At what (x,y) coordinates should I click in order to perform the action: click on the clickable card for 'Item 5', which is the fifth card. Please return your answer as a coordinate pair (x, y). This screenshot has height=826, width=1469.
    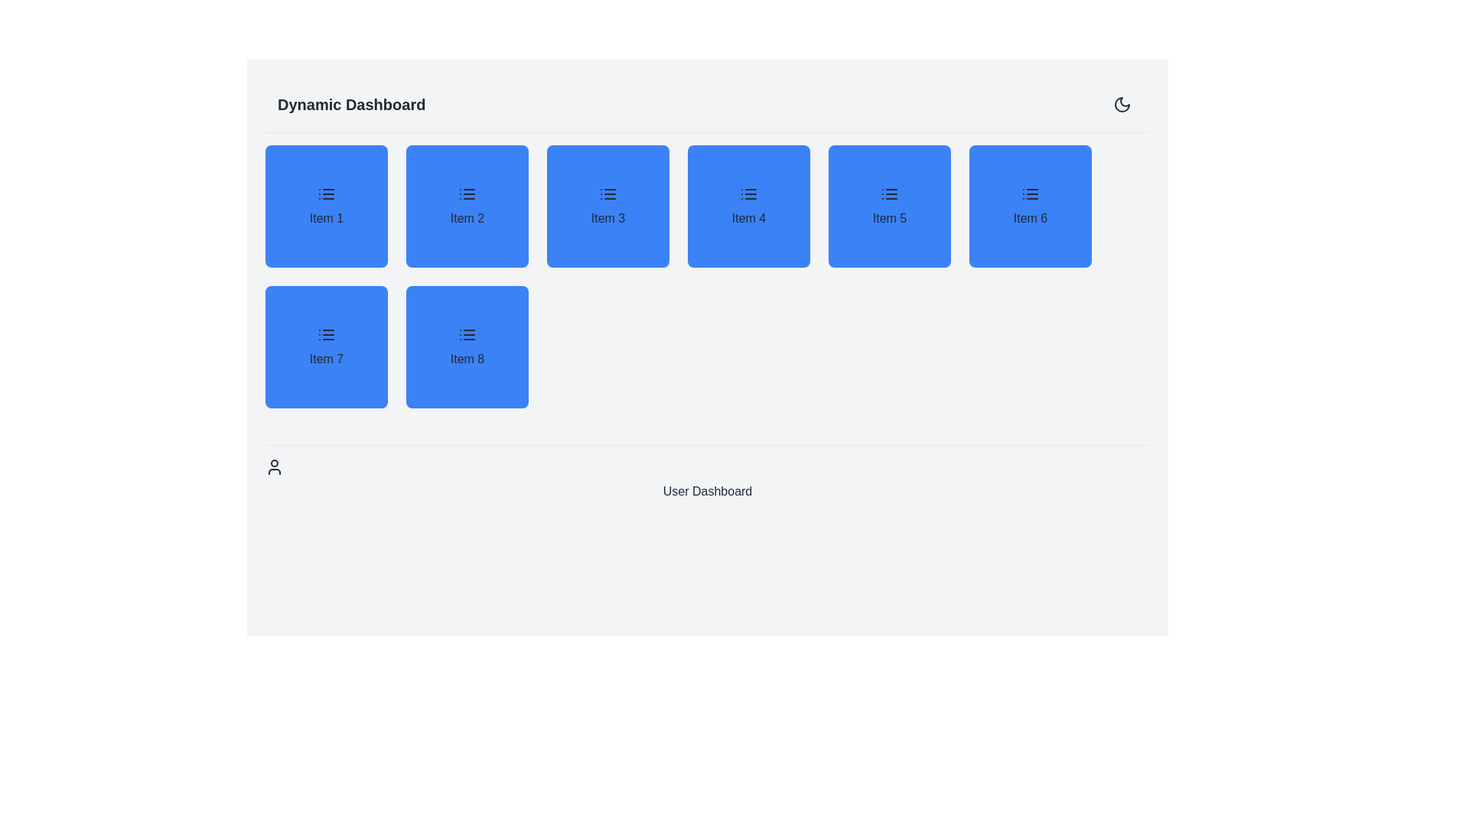
    Looking at the image, I should click on (889, 206).